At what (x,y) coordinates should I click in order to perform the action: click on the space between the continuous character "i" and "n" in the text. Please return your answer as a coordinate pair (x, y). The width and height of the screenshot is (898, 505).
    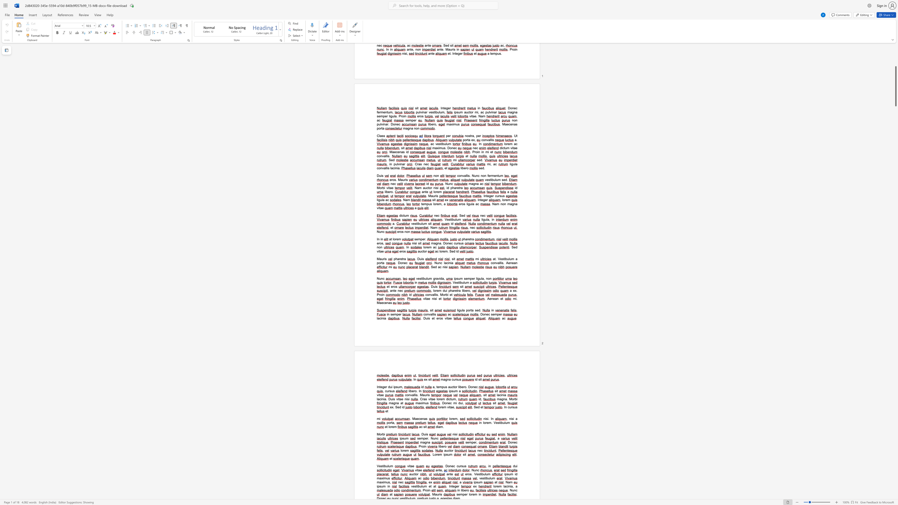
    Looking at the image, I should click on (508, 486).